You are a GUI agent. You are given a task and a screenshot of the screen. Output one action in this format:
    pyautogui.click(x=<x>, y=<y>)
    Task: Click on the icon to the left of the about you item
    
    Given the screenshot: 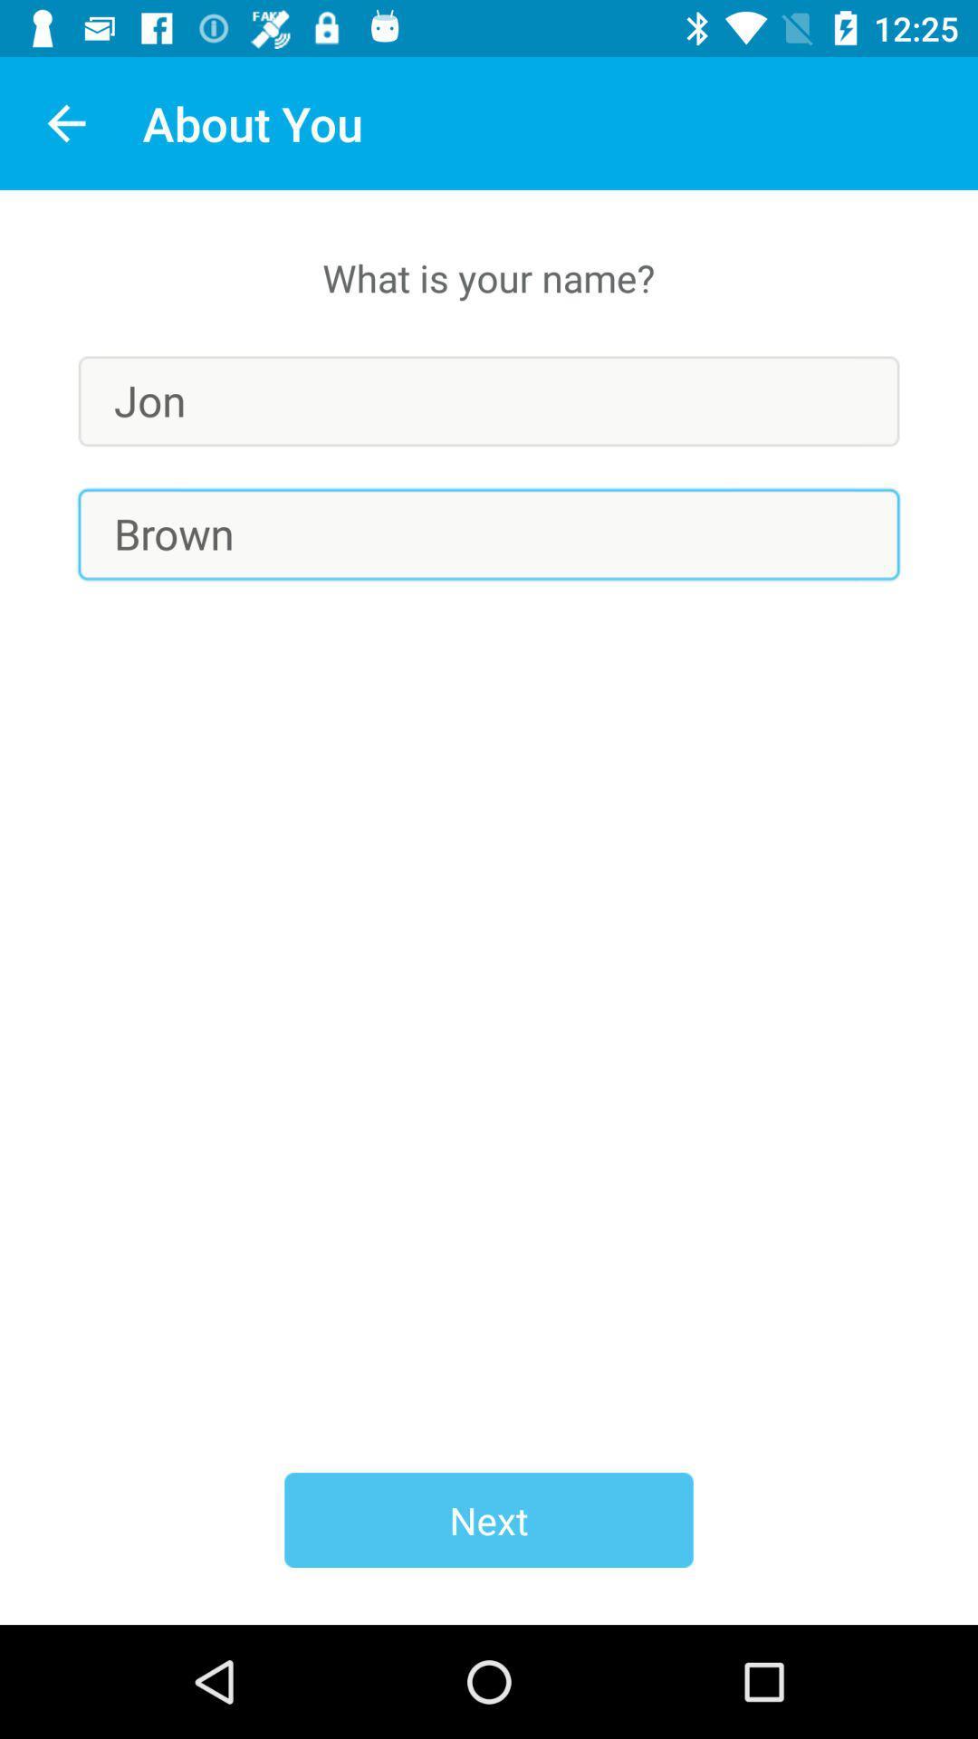 What is the action you would take?
    pyautogui.click(x=65, y=122)
    